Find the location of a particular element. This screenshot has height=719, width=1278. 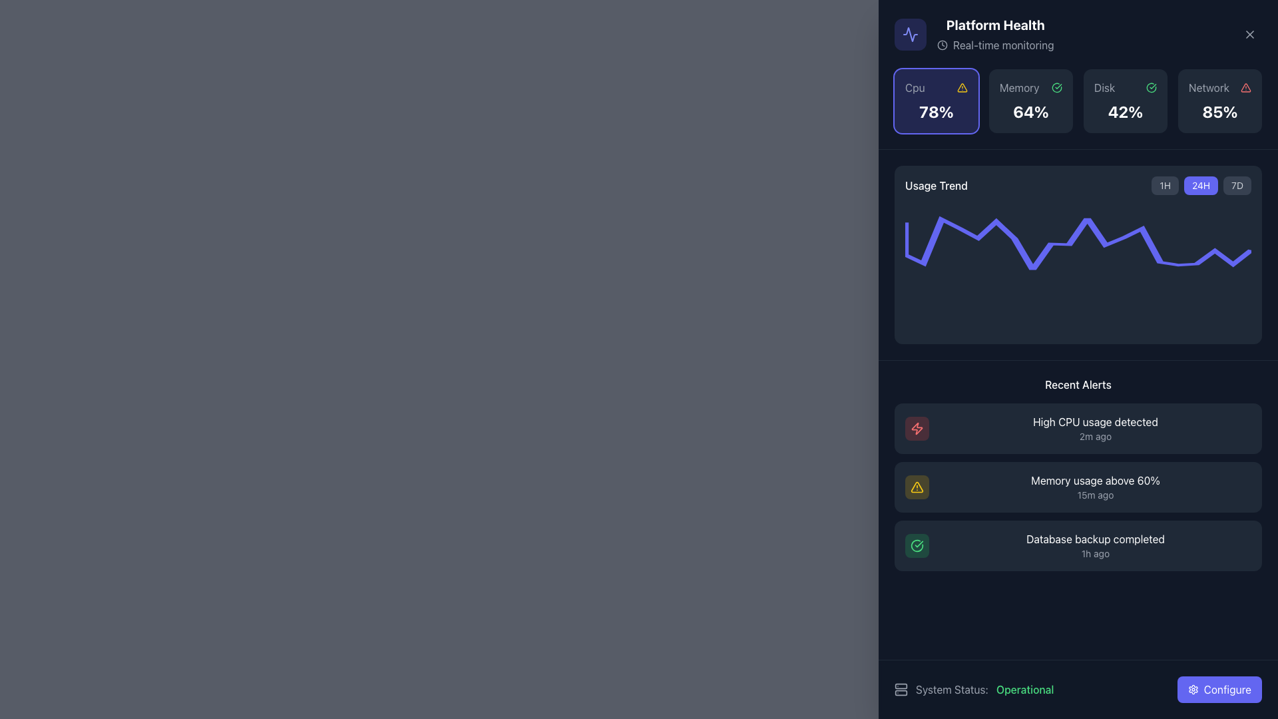

the circular icon with a green outline and a checkmark inside, located in the third item of the 'Recent Alerts' section, to the left of the text 'Database backup completed' is located at coordinates (916, 546).